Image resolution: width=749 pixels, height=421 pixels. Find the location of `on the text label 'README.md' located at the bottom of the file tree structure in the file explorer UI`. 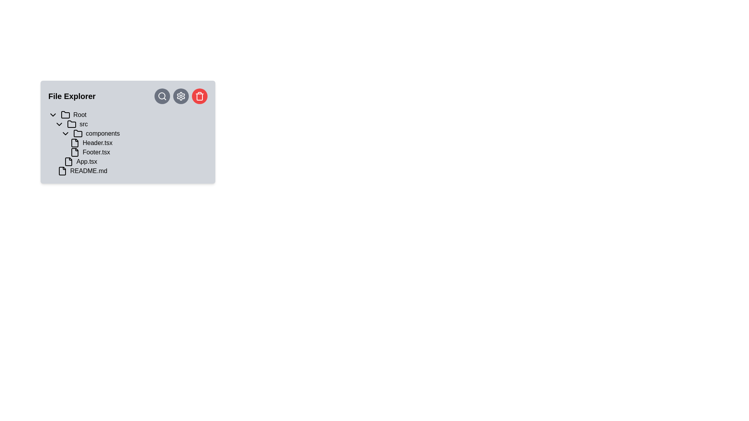

on the text label 'README.md' located at the bottom of the file tree structure in the file explorer UI is located at coordinates (89, 171).